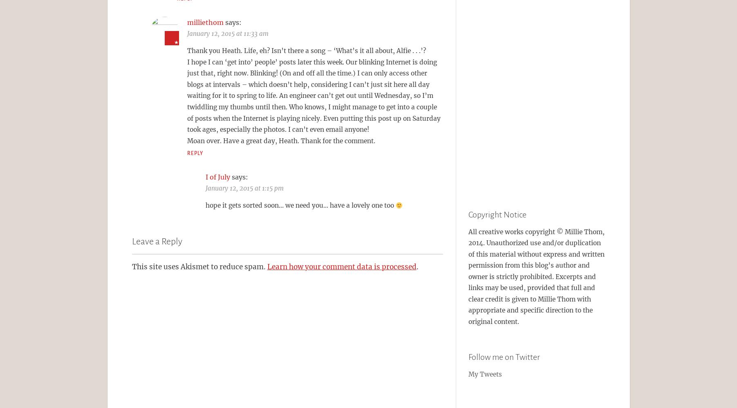  What do you see at coordinates (204, 205) in the screenshot?
I see `'hope it gets sorted soon… we need you… have a lovely one too'` at bounding box center [204, 205].